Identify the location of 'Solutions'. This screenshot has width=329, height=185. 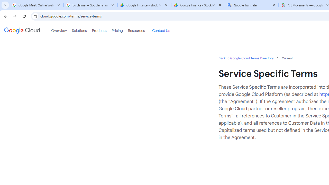
(79, 31).